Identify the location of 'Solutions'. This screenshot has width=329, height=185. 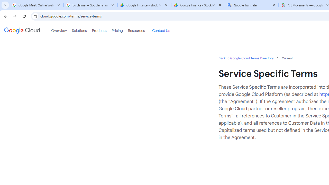
(79, 31).